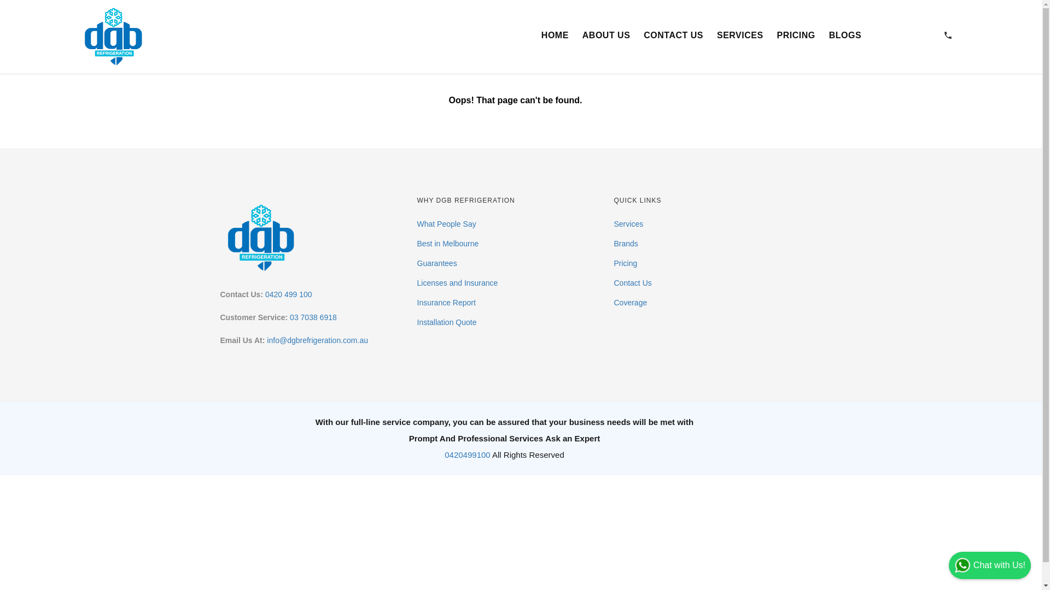 The image size is (1050, 590). What do you see at coordinates (436, 263) in the screenshot?
I see `'Guarantees'` at bounding box center [436, 263].